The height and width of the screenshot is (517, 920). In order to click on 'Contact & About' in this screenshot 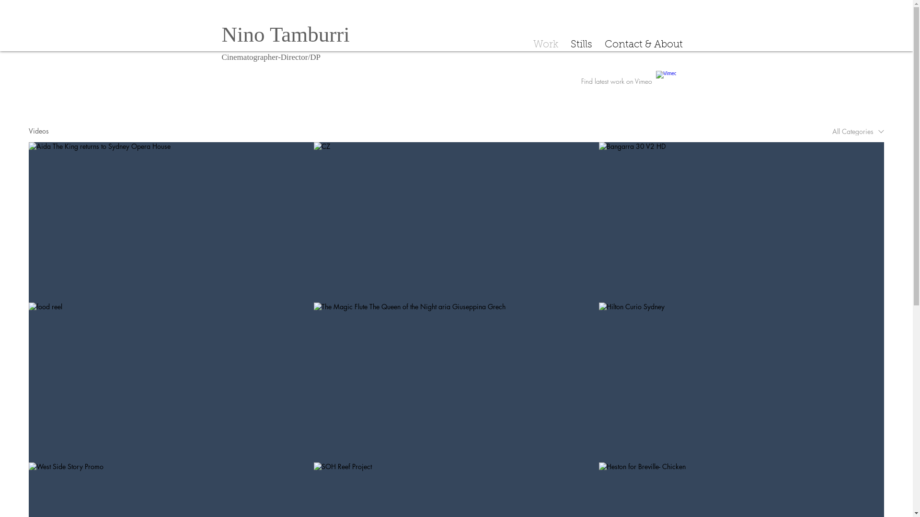, I will do `click(643, 42)`.